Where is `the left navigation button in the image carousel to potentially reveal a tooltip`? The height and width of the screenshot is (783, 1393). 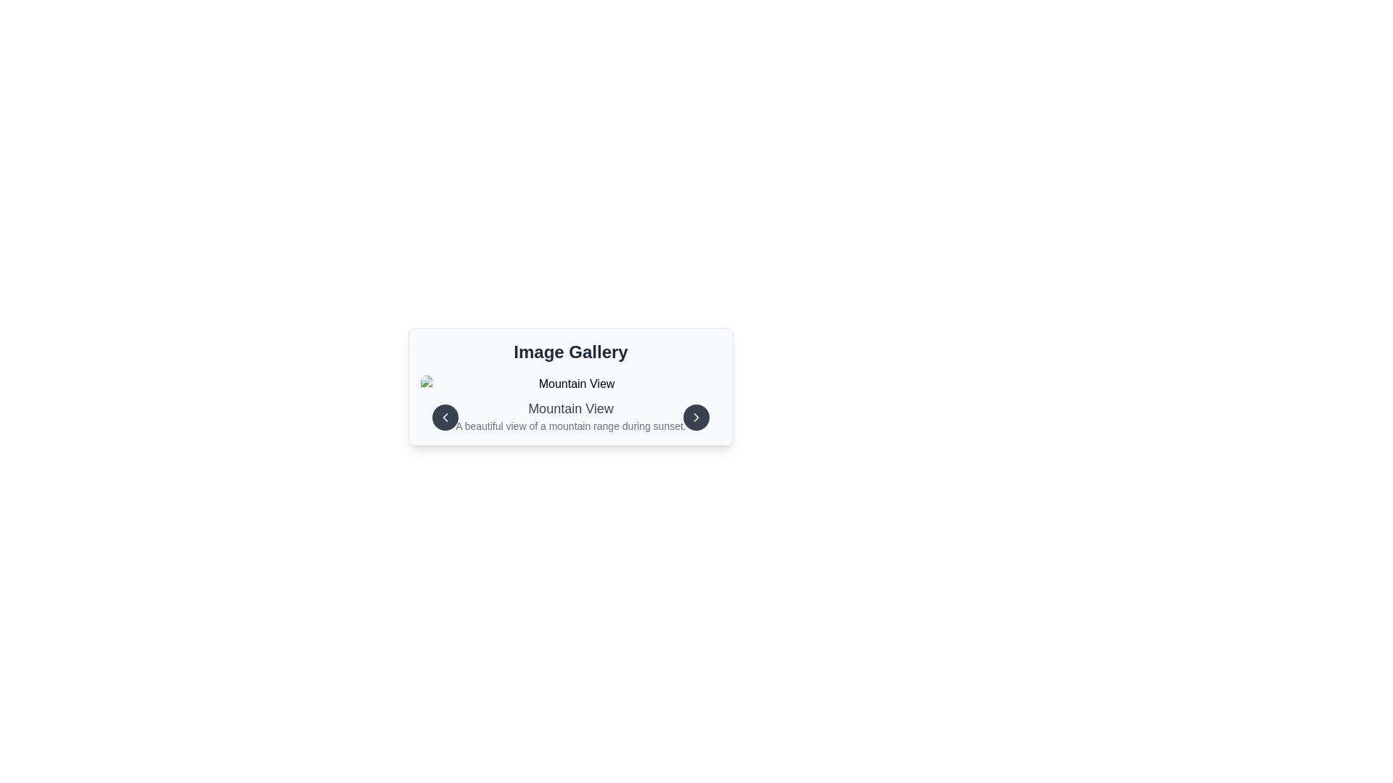 the left navigation button in the image carousel to potentially reveal a tooltip is located at coordinates (445, 417).